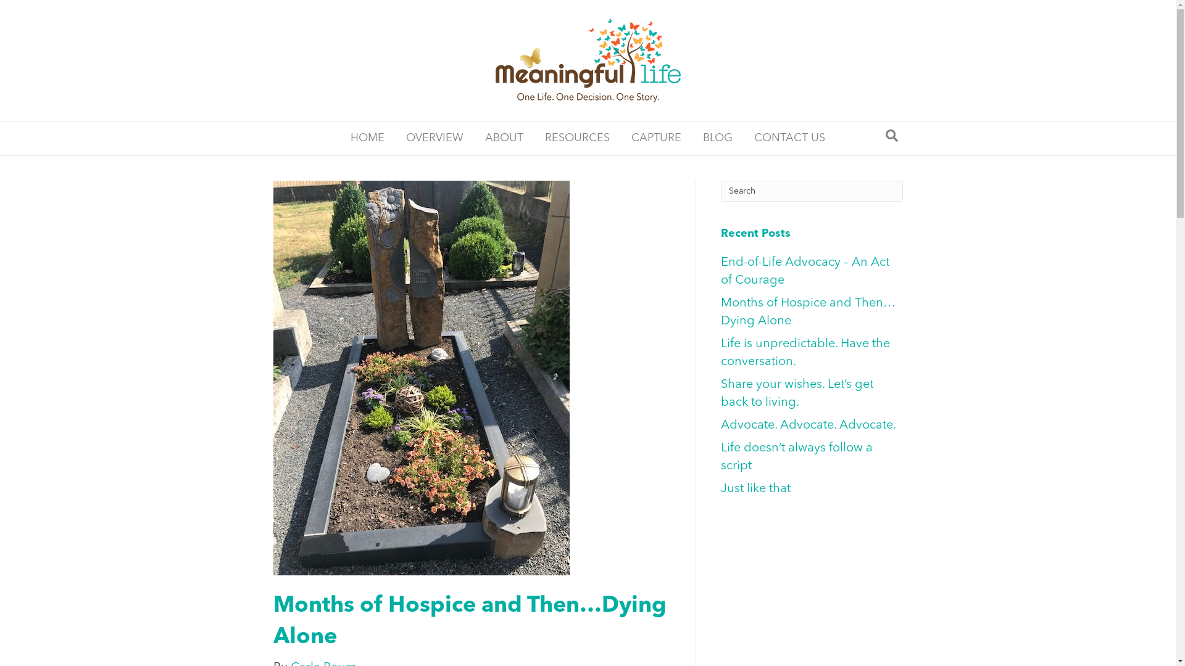 Image resolution: width=1185 pixels, height=666 pixels. I want to click on 'BLOG', so click(717, 138).